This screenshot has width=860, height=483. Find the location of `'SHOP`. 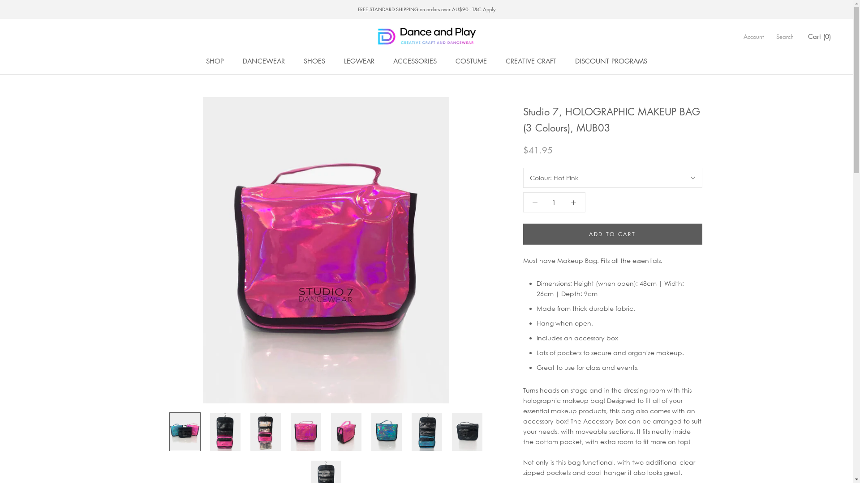

'SHOP is located at coordinates (215, 60).